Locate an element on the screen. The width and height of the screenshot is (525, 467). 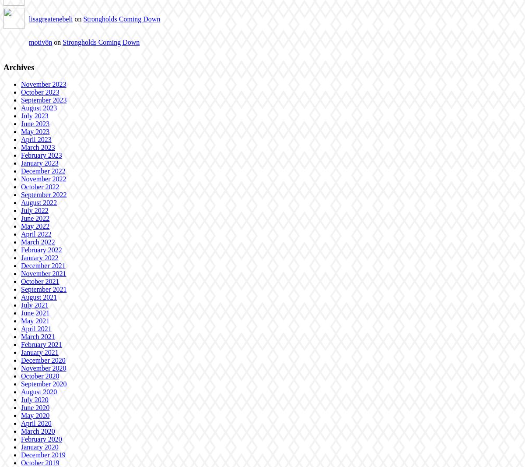
'December 2019' is located at coordinates (43, 454).